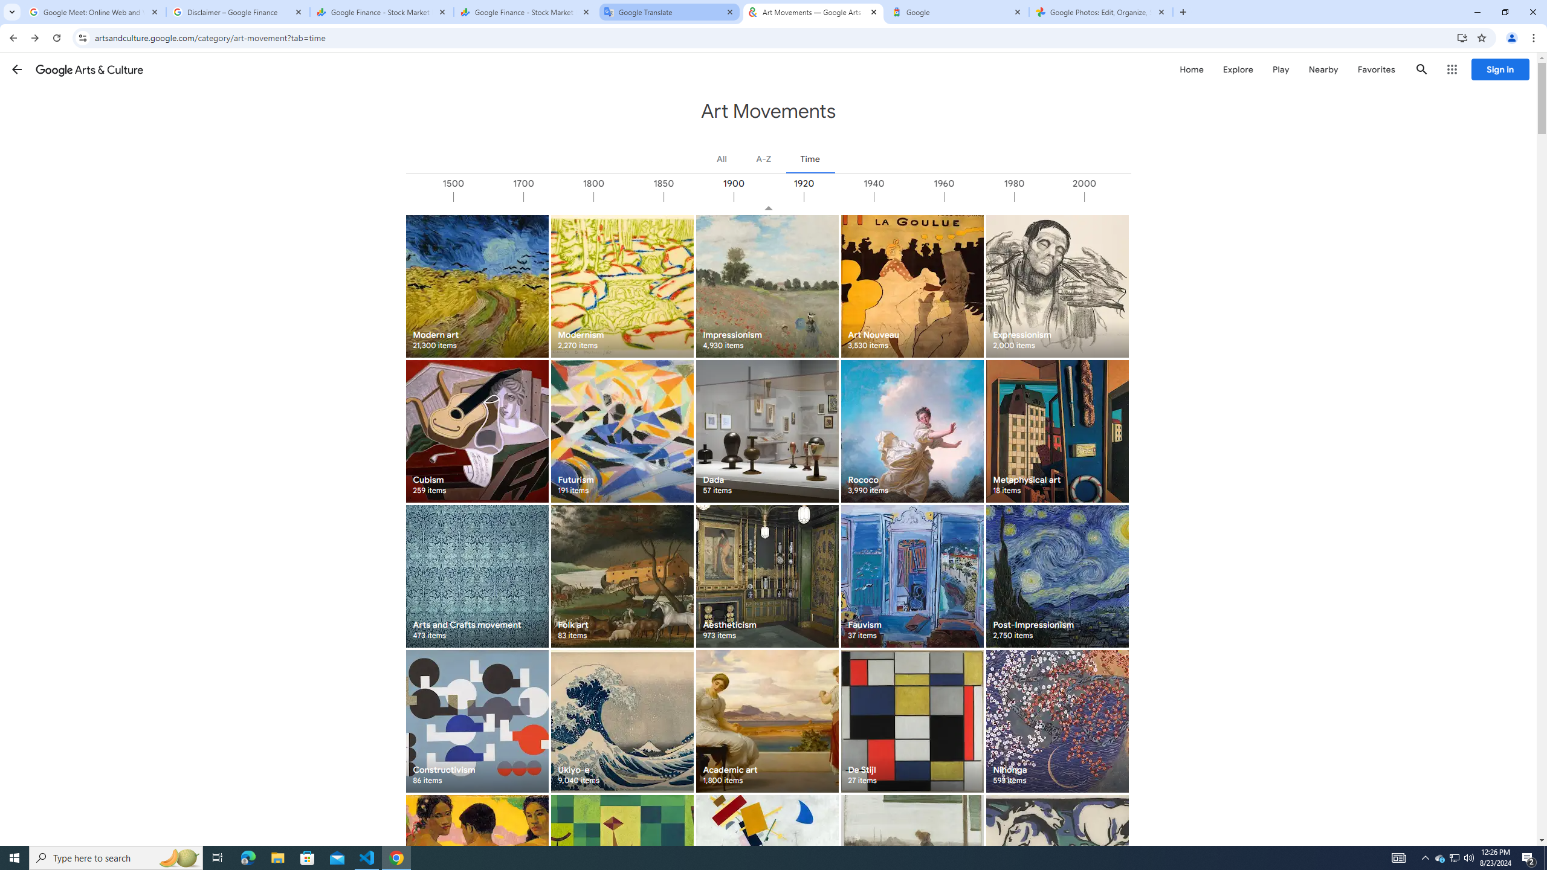 The image size is (1547, 870). What do you see at coordinates (911, 431) in the screenshot?
I see `'Rococo 3,990 items'` at bounding box center [911, 431].